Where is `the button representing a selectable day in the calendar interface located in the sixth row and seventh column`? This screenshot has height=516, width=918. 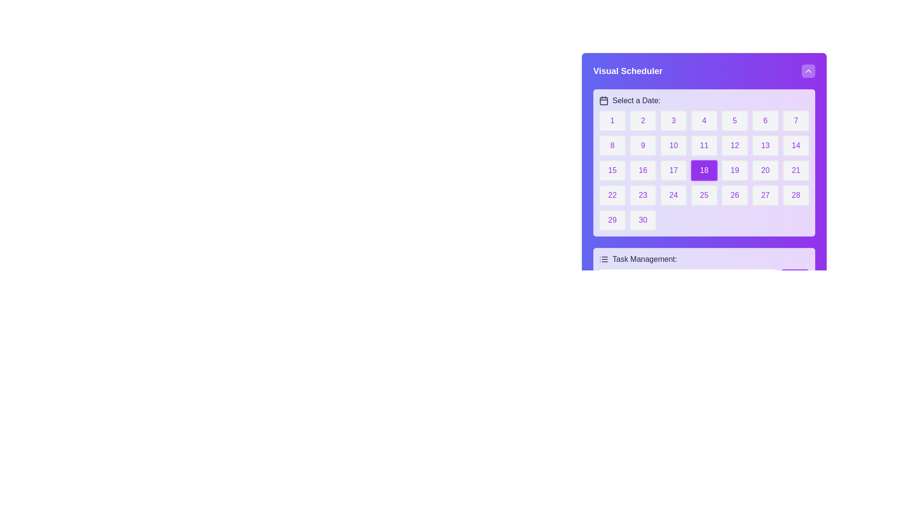 the button representing a selectable day in the calendar interface located in the sixth row and seventh column is located at coordinates (796, 170).